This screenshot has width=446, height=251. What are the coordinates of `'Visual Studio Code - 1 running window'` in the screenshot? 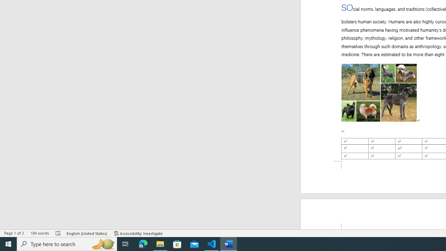 It's located at (211, 243).